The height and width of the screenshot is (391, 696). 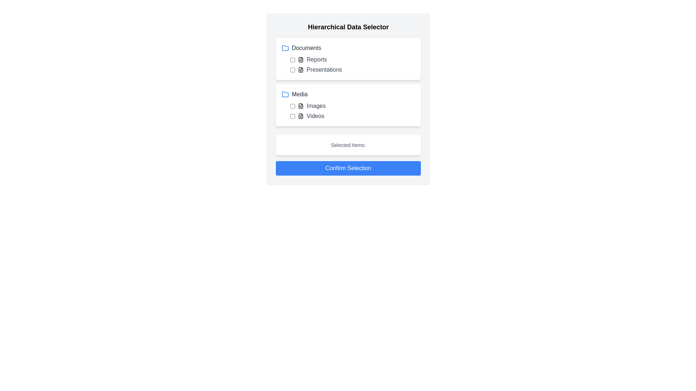 I want to click on the label indicating the section titled 'Selected Items:' which is a white box with rounded corners located above the blue 'Confirm Selection' button, so click(x=348, y=145).